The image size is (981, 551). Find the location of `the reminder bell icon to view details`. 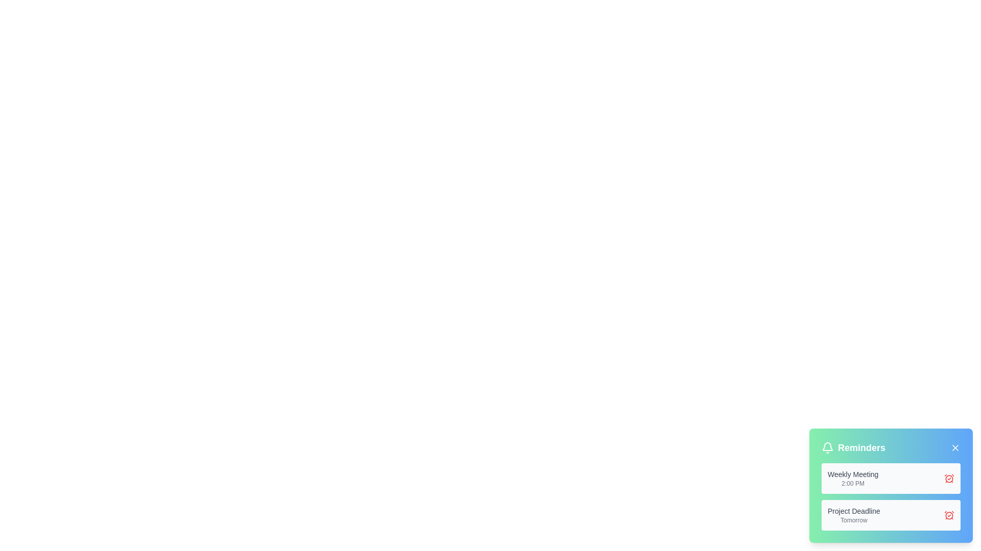

the reminder bell icon to view details is located at coordinates (828, 447).